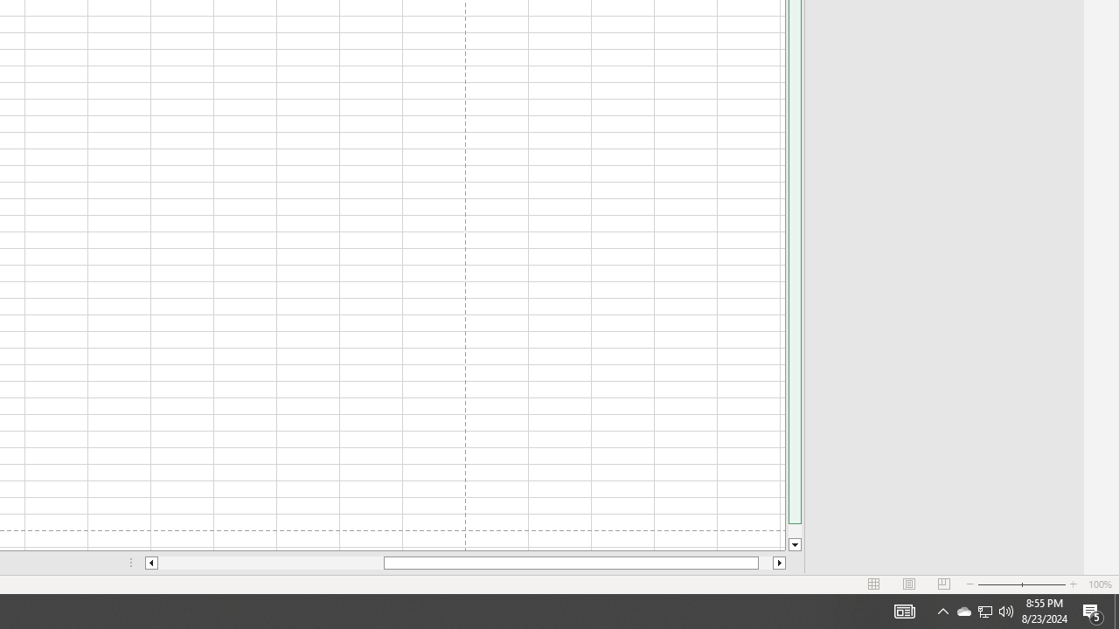 The height and width of the screenshot is (629, 1119). Describe the element at coordinates (999, 584) in the screenshot. I see `'Zoom Out'` at that location.